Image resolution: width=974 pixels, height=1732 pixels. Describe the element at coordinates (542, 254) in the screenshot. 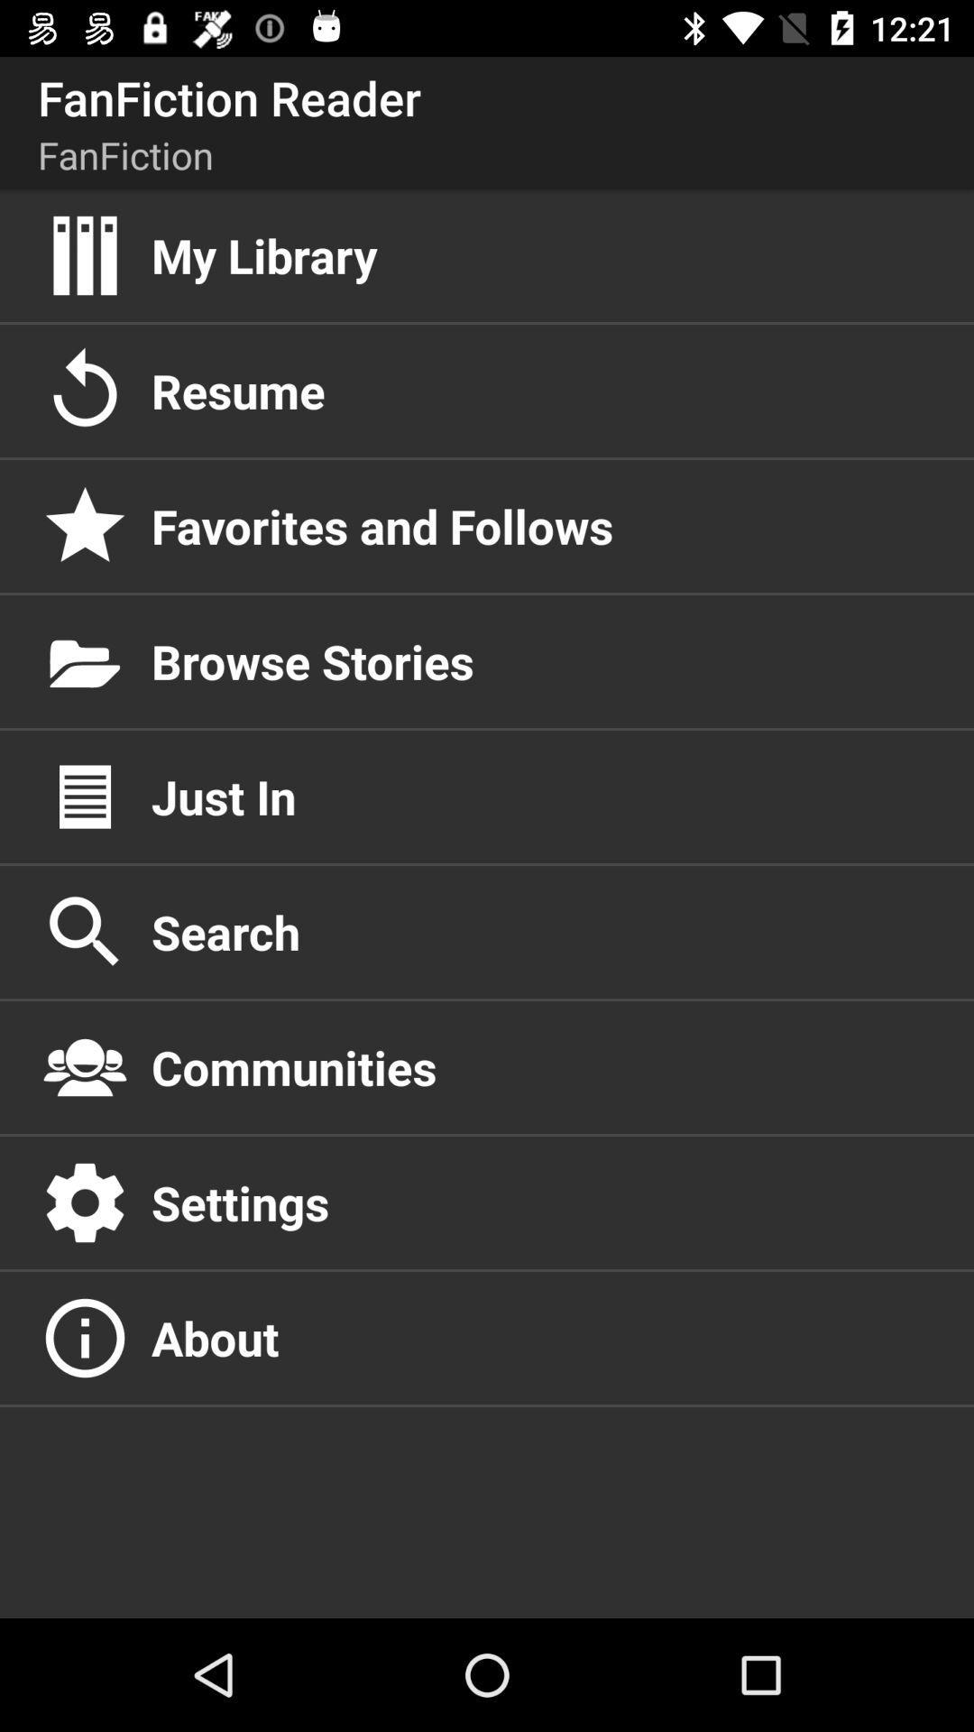

I see `app below the fanfiction item` at that location.